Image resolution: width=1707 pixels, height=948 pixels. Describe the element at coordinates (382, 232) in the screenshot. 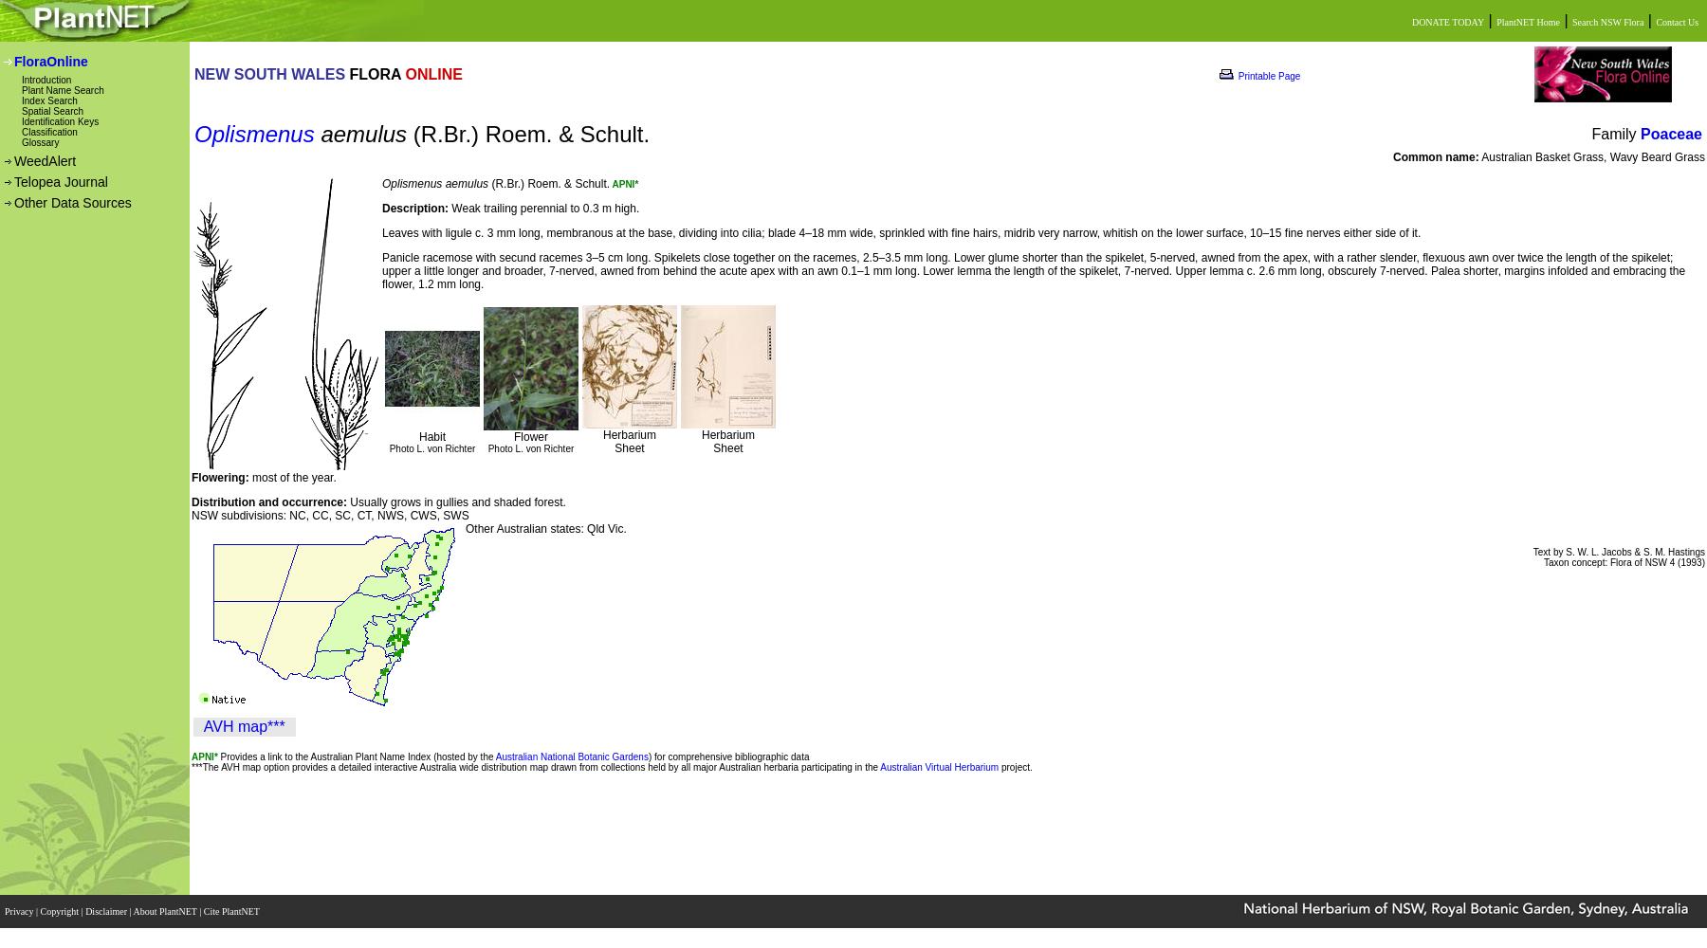

I see `'Leaves with ligule c. 3 mm long, membranous at the base, dividing into cilia; blade 4–18 mm wide, sprinkled with fine hairs, midrib very narrow, whitish on the lower surface, 10–15 fine nerves either side of it.'` at that location.